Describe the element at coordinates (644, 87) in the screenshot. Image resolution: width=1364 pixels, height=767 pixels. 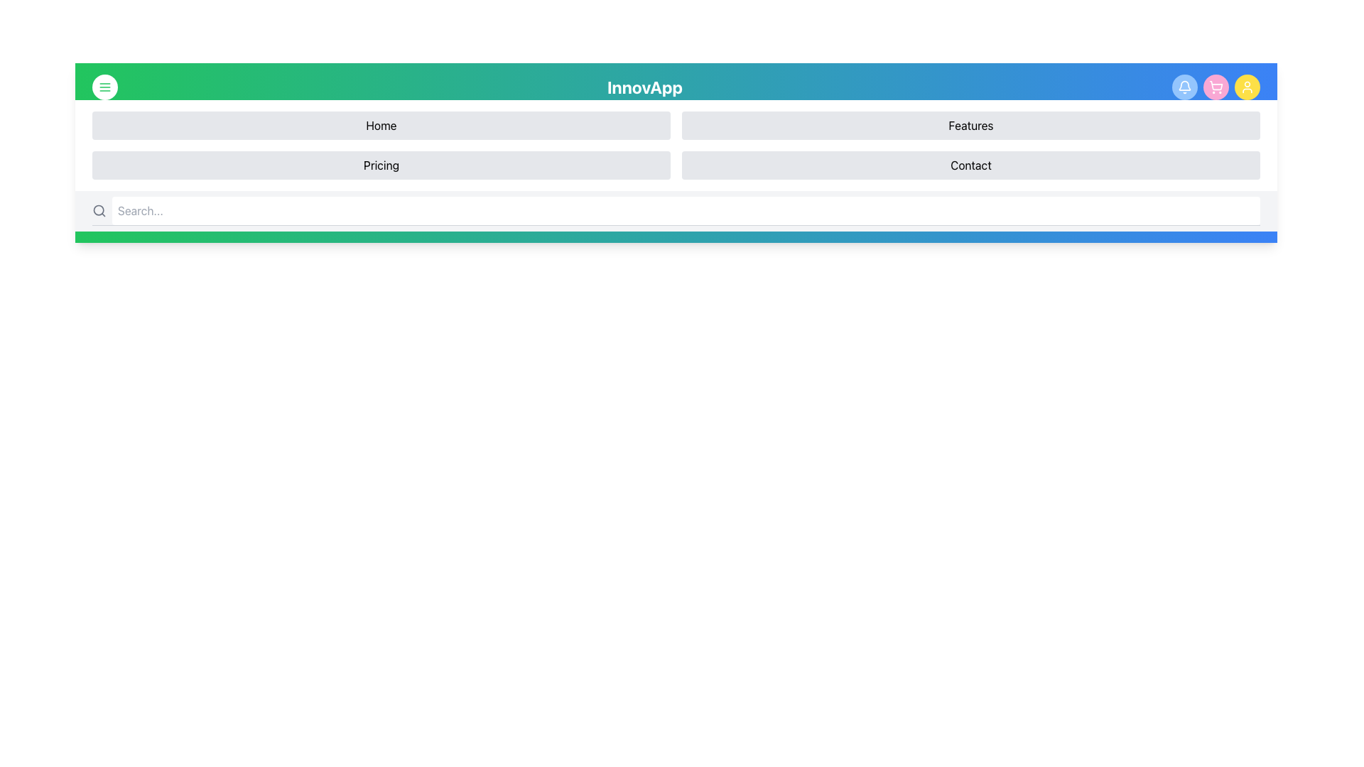
I see `the branding text label of the application, 'InnovApp', located at the center of the navigation bar` at that location.